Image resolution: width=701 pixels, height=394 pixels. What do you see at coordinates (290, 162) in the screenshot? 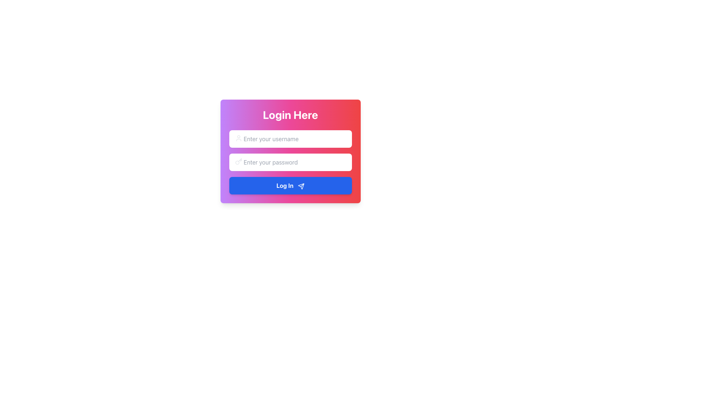
I see `the password input field located below the username input field in the 'Login Here' section to focus on it` at bounding box center [290, 162].